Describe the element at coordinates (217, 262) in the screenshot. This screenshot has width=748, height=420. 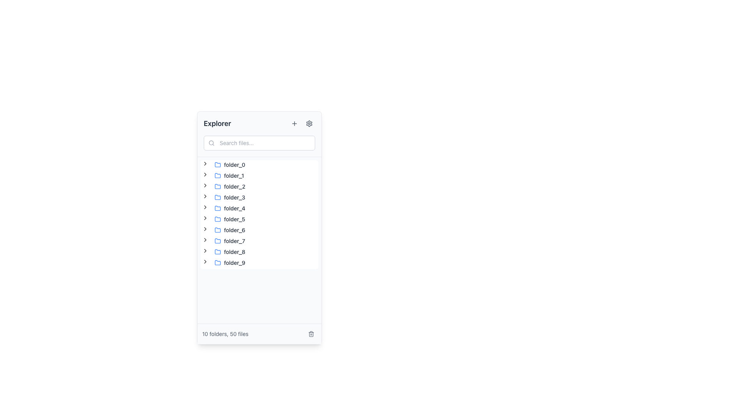
I see `the folder icon labeled 'folder_9' at the bottom of the vertical list in the explorer panel` at that location.